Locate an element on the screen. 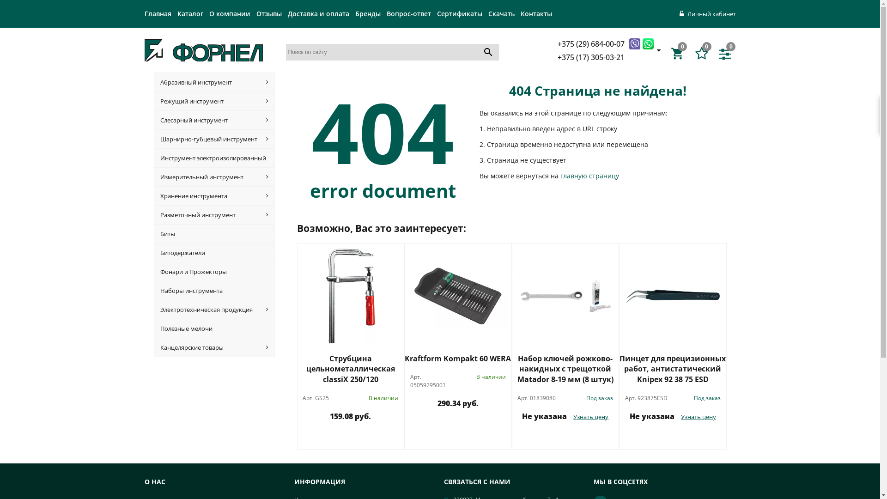 This screenshot has height=499, width=887. '+375 (17) 305-03-21' is located at coordinates (557, 57).